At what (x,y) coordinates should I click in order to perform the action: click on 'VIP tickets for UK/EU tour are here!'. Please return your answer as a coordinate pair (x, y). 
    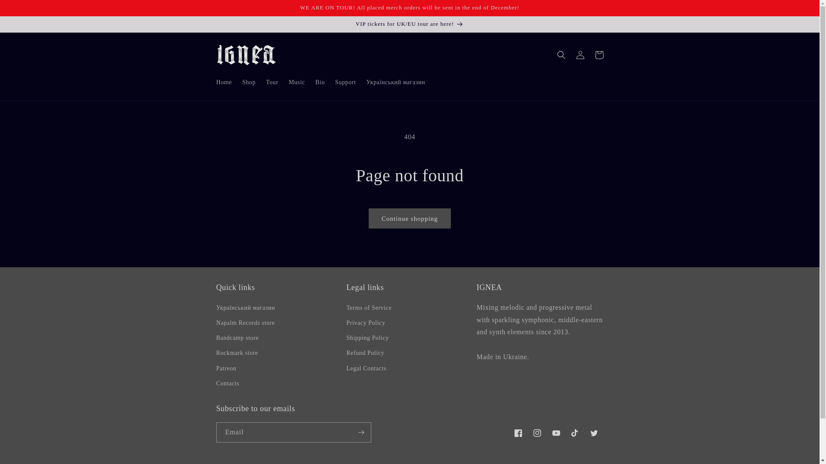
    Looking at the image, I should click on (409, 24).